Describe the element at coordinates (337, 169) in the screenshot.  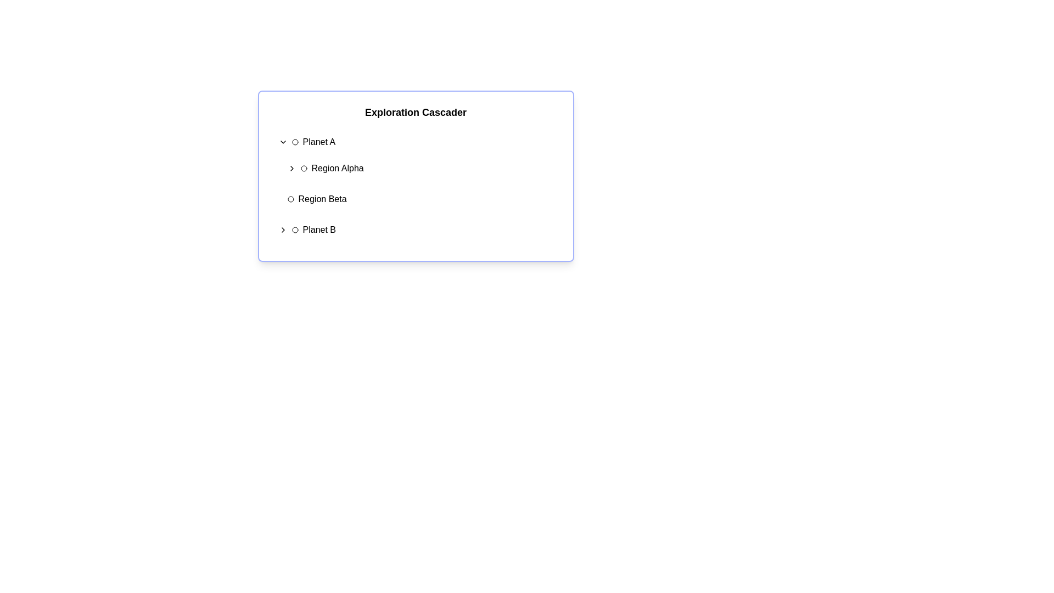
I see `the 'Region Alpha' text label located in the navigation group of regions, positioned under 'Planet A' and above 'Region Beta'` at that location.